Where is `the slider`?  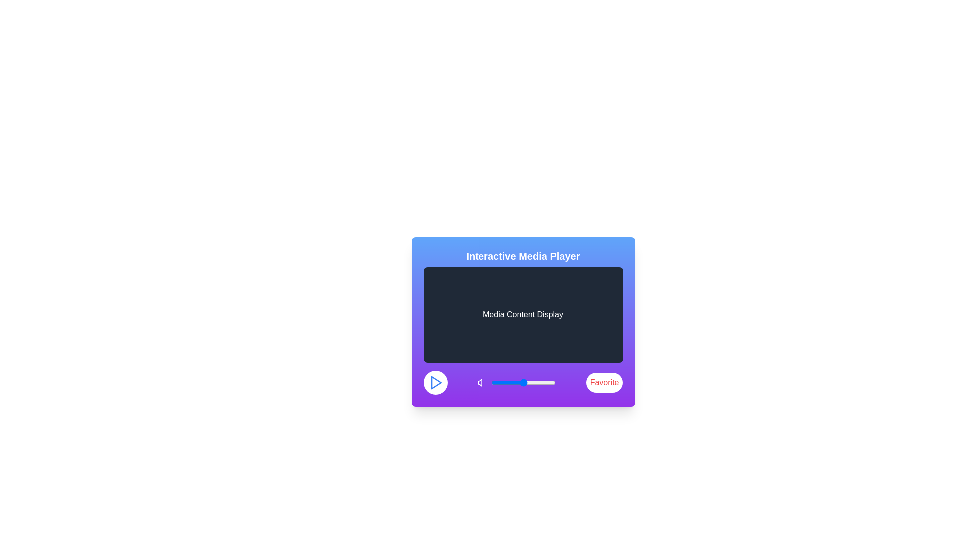
the slider is located at coordinates (496, 382).